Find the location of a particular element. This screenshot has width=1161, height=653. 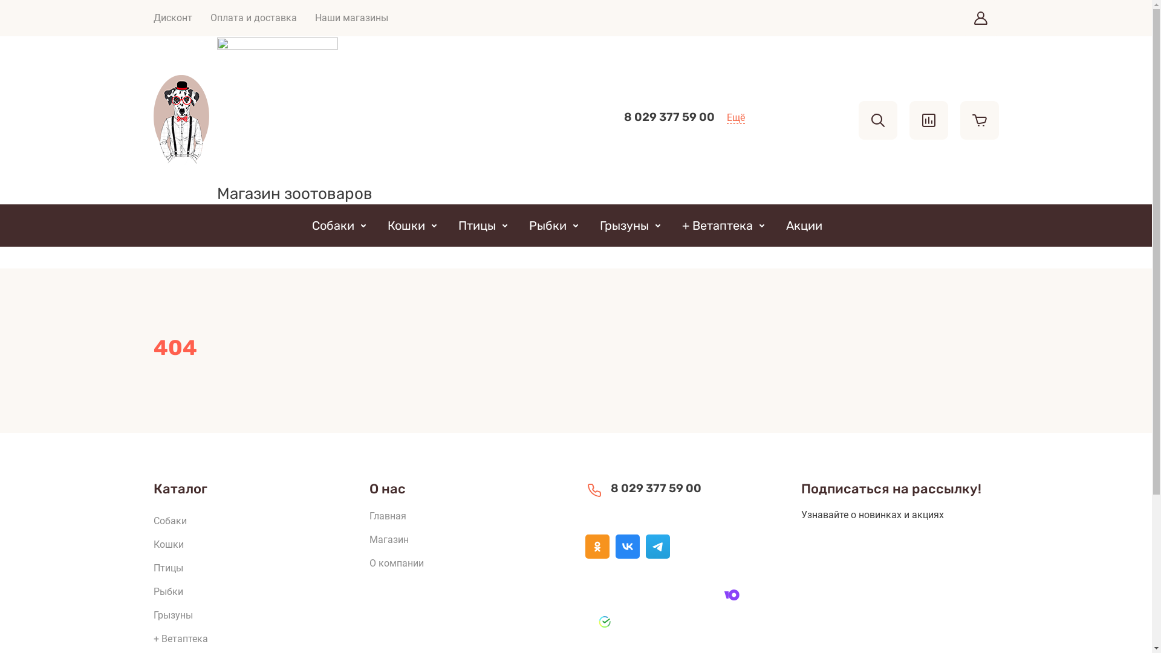

'8 029 377 59 00' is located at coordinates (669, 117).